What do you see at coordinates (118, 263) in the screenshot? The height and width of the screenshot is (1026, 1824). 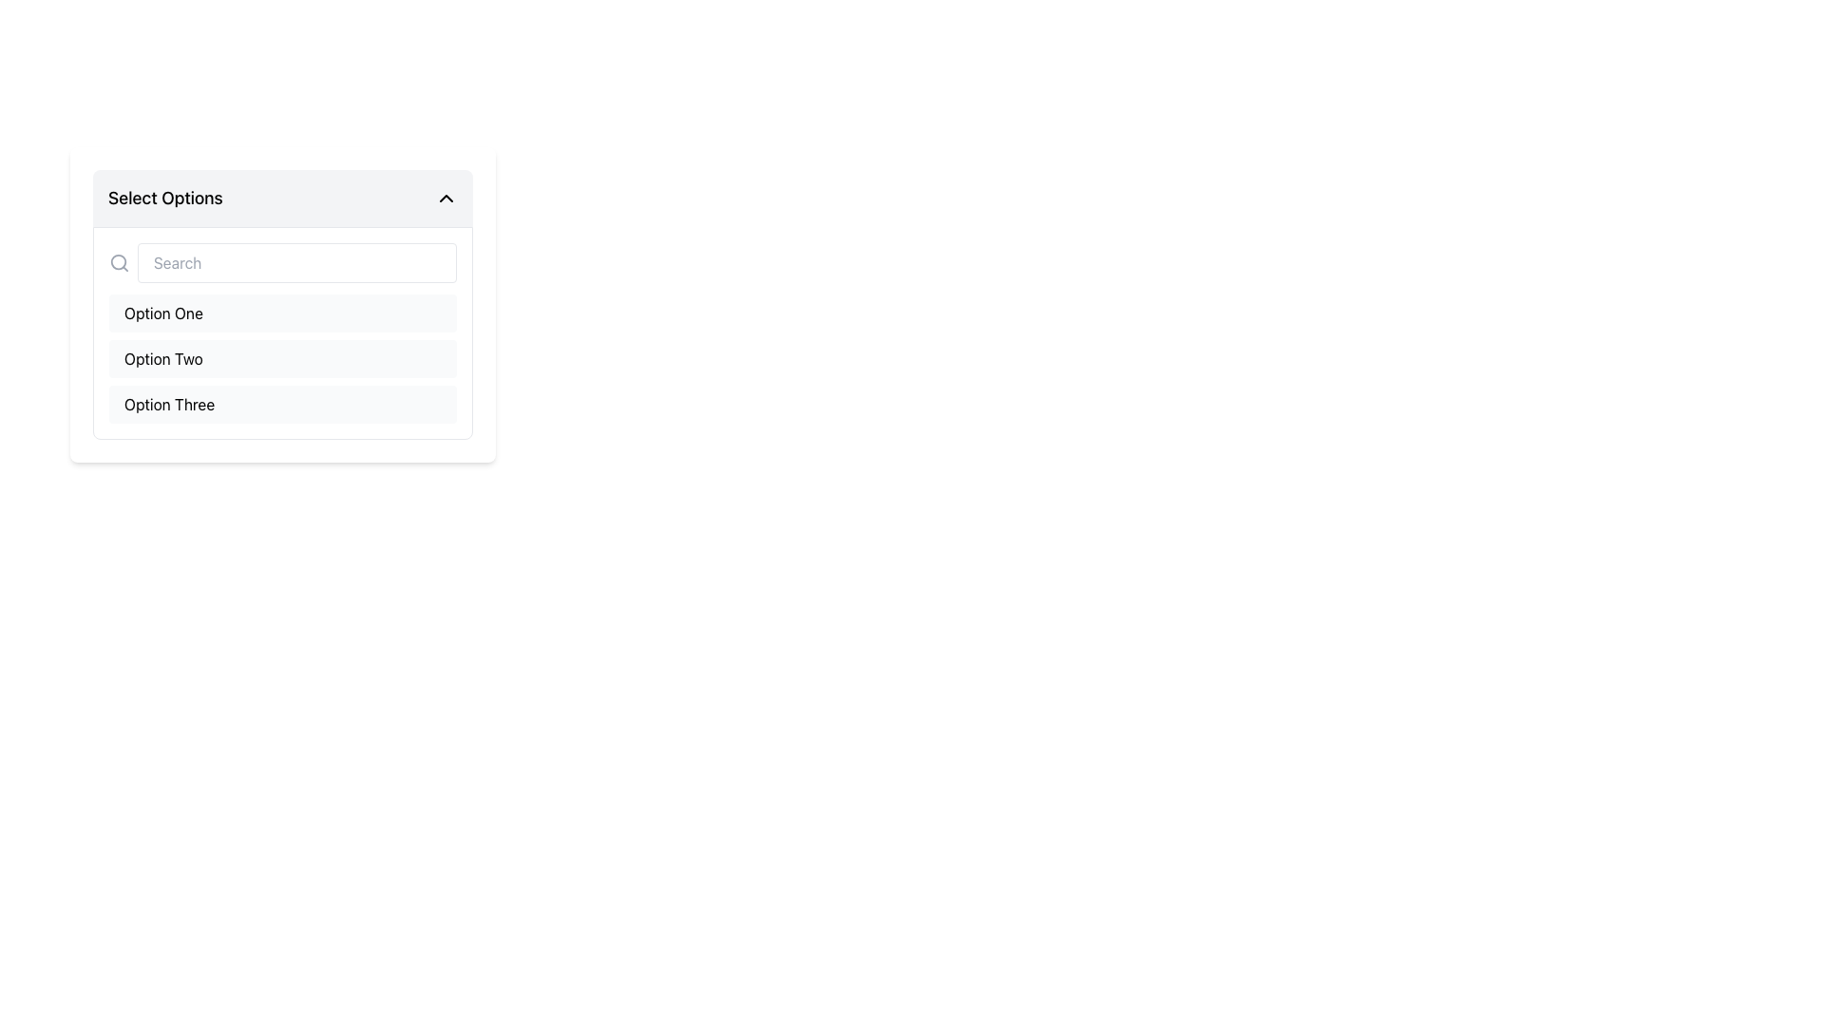 I see `the magnifying glass icon, which serves as a search indicator` at bounding box center [118, 263].